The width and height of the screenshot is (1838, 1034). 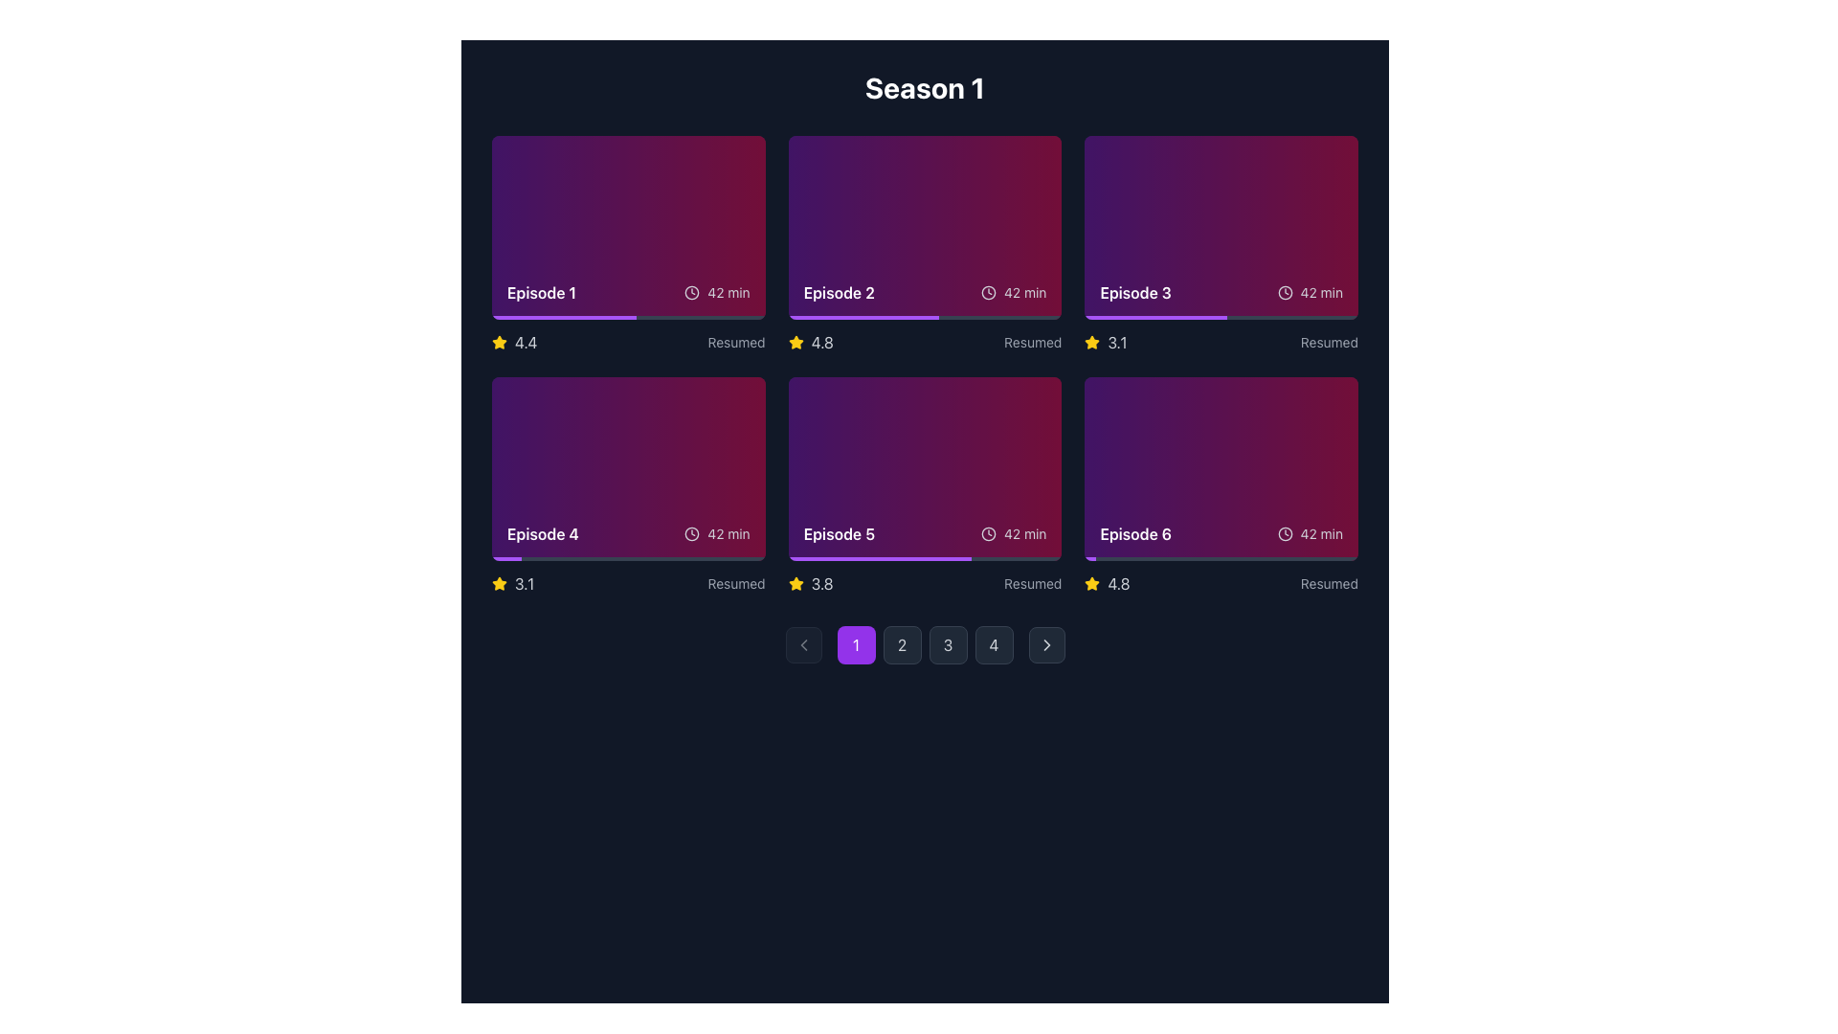 What do you see at coordinates (1221, 558) in the screenshot?
I see `the progress bar indicating the completion percentage of 'Episode 6' located at the bottom right of the 'Episode 6' card` at bounding box center [1221, 558].